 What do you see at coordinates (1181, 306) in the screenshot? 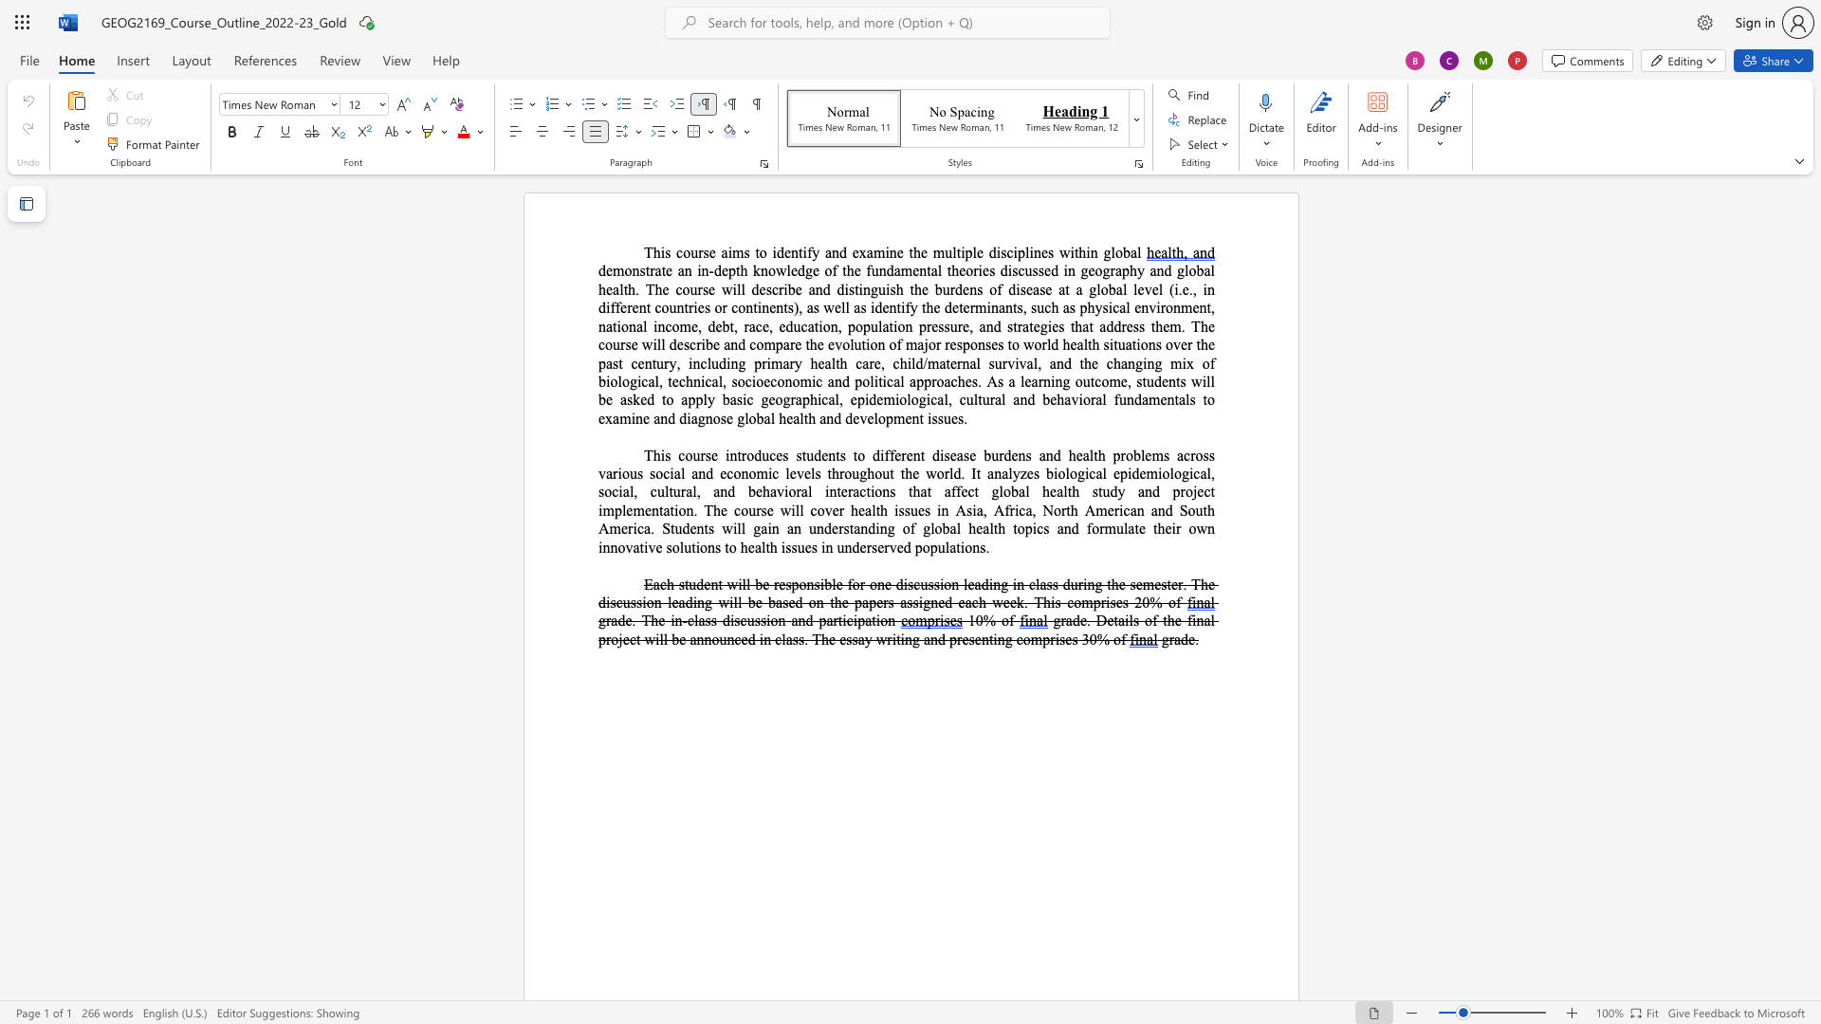
I see `the space between the continuous character "n" and "m" in the text` at bounding box center [1181, 306].